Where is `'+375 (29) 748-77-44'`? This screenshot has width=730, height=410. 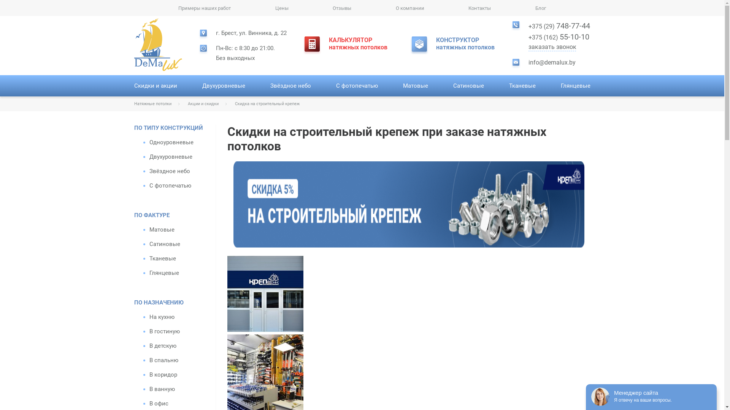 '+375 (29) 748-77-44' is located at coordinates (559, 25).